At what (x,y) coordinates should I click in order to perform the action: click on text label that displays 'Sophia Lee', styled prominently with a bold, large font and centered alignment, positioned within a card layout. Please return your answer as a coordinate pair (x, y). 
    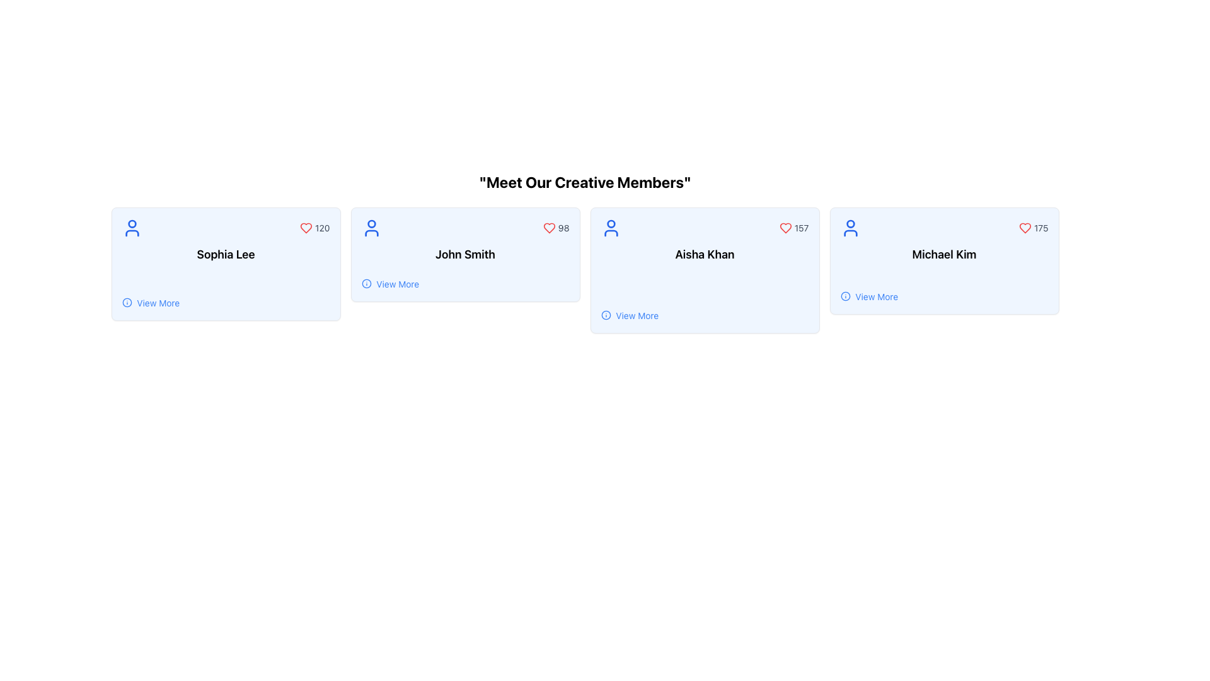
    Looking at the image, I should click on (226, 255).